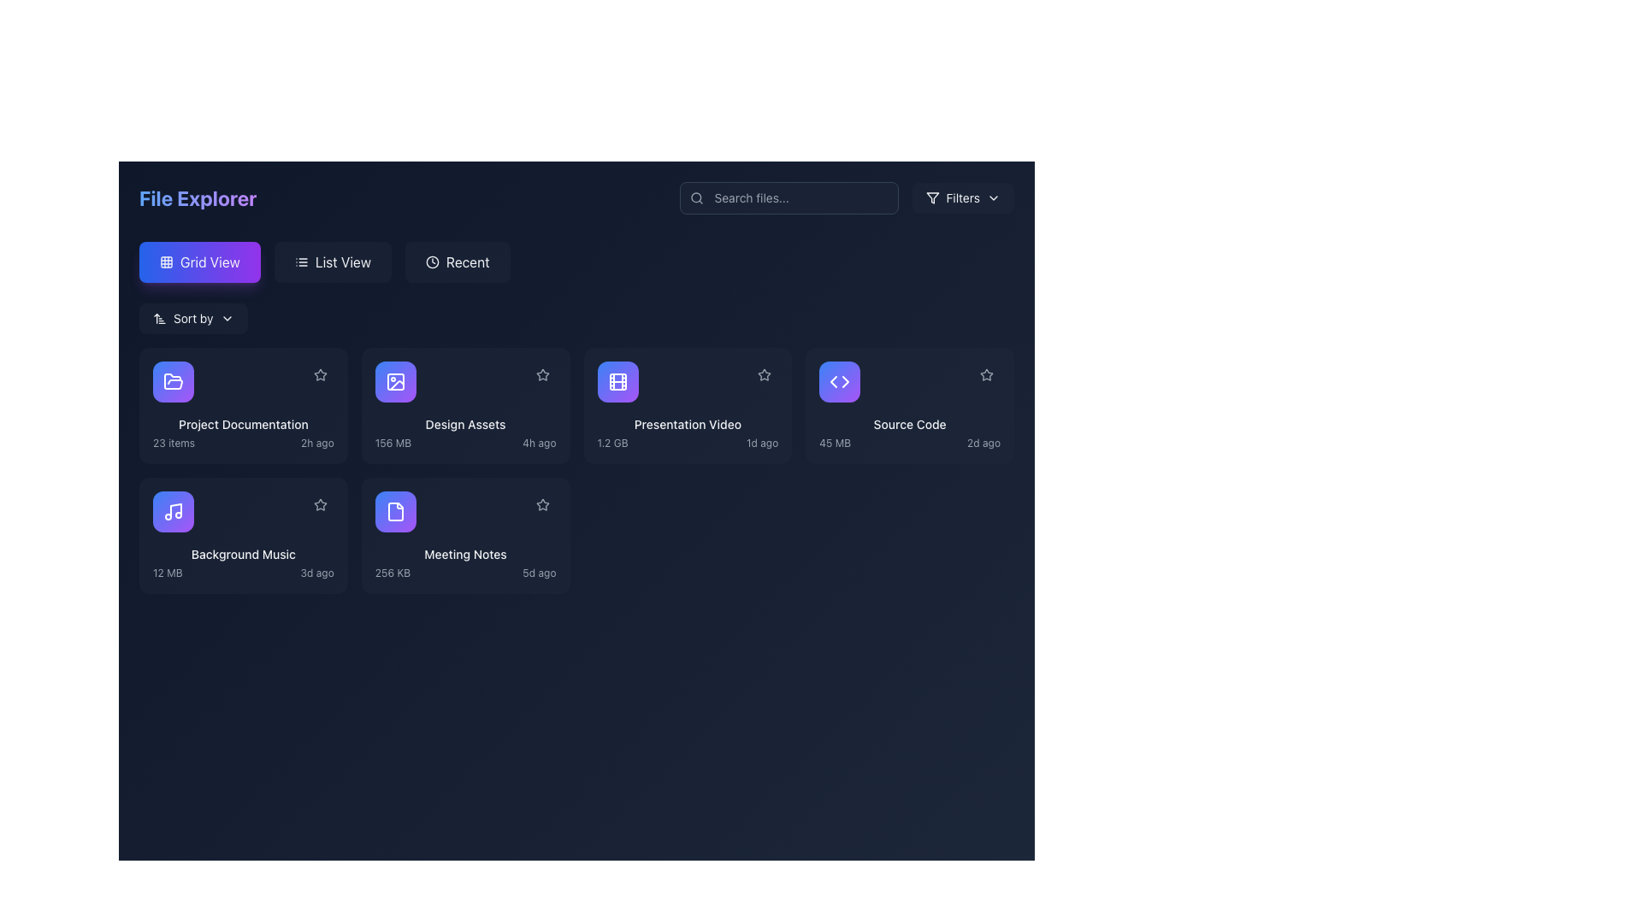  Describe the element at coordinates (392, 573) in the screenshot. I see `the text label indicating the file size of the 'Meeting Notes' document, which is located in the lower portion of the card, aligned to the left next to '5d ago.'` at that location.